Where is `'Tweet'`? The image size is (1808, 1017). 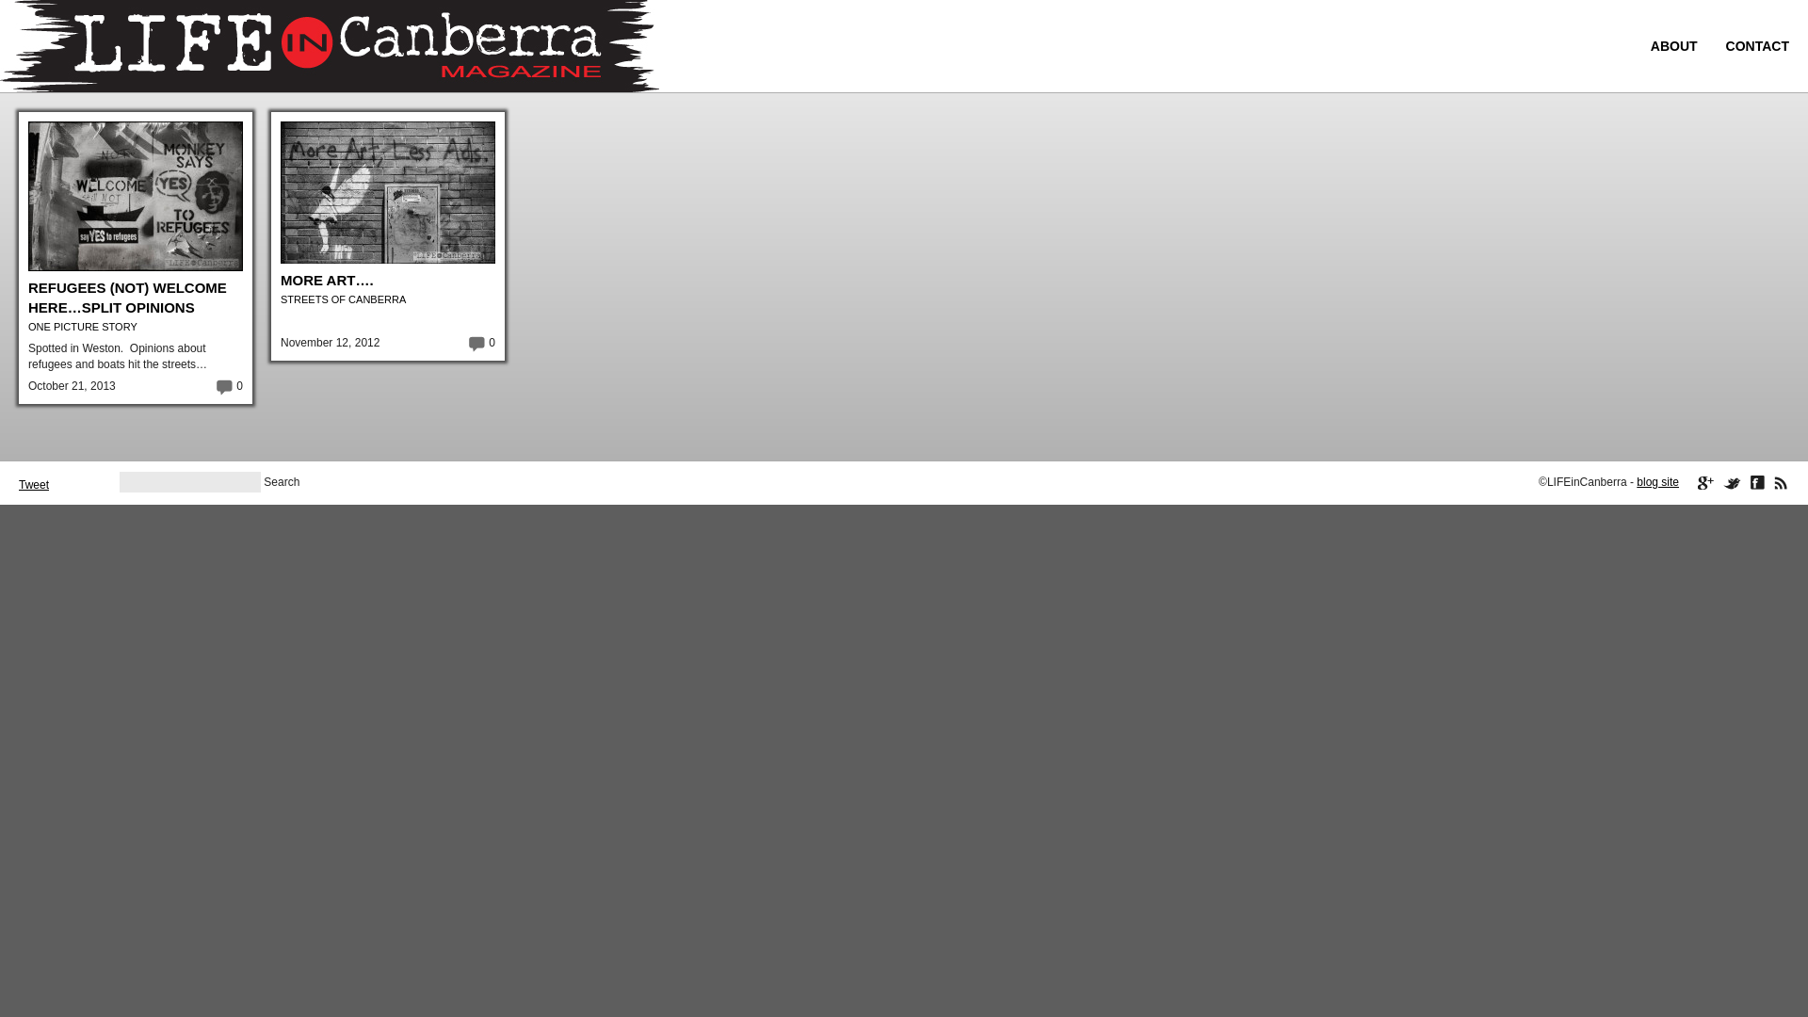 'Tweet' is located at coordinates (33, 484).